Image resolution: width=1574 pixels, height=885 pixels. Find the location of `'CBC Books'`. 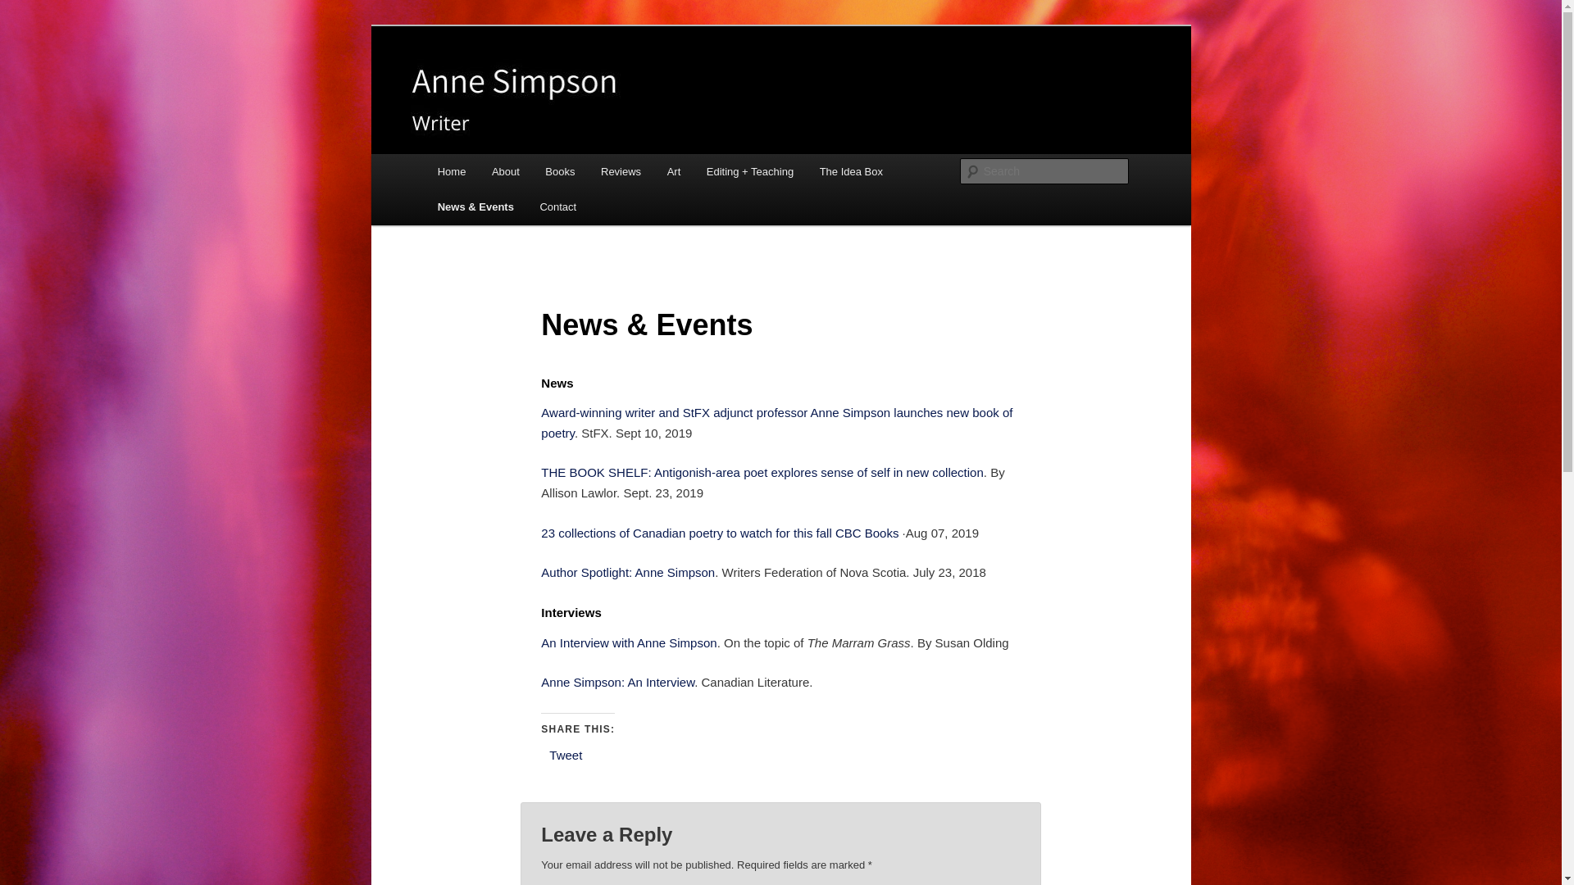

'CBC Books' is located at coordinates (866, 533).